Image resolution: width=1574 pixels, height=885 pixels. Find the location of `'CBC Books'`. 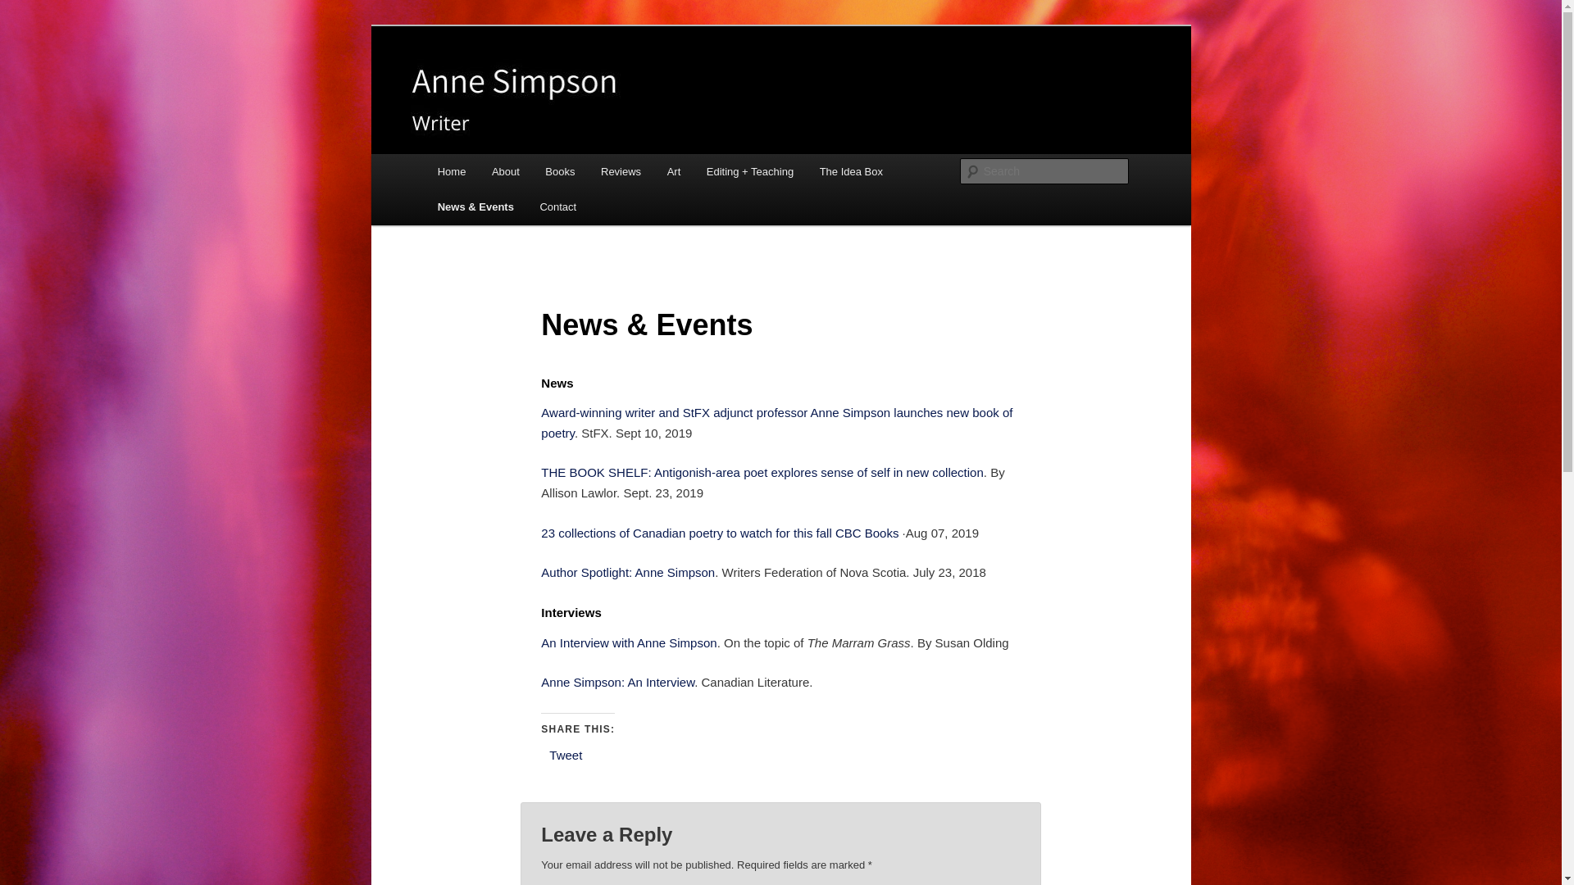

'CBC Books' is located at coordinates (866, 533).